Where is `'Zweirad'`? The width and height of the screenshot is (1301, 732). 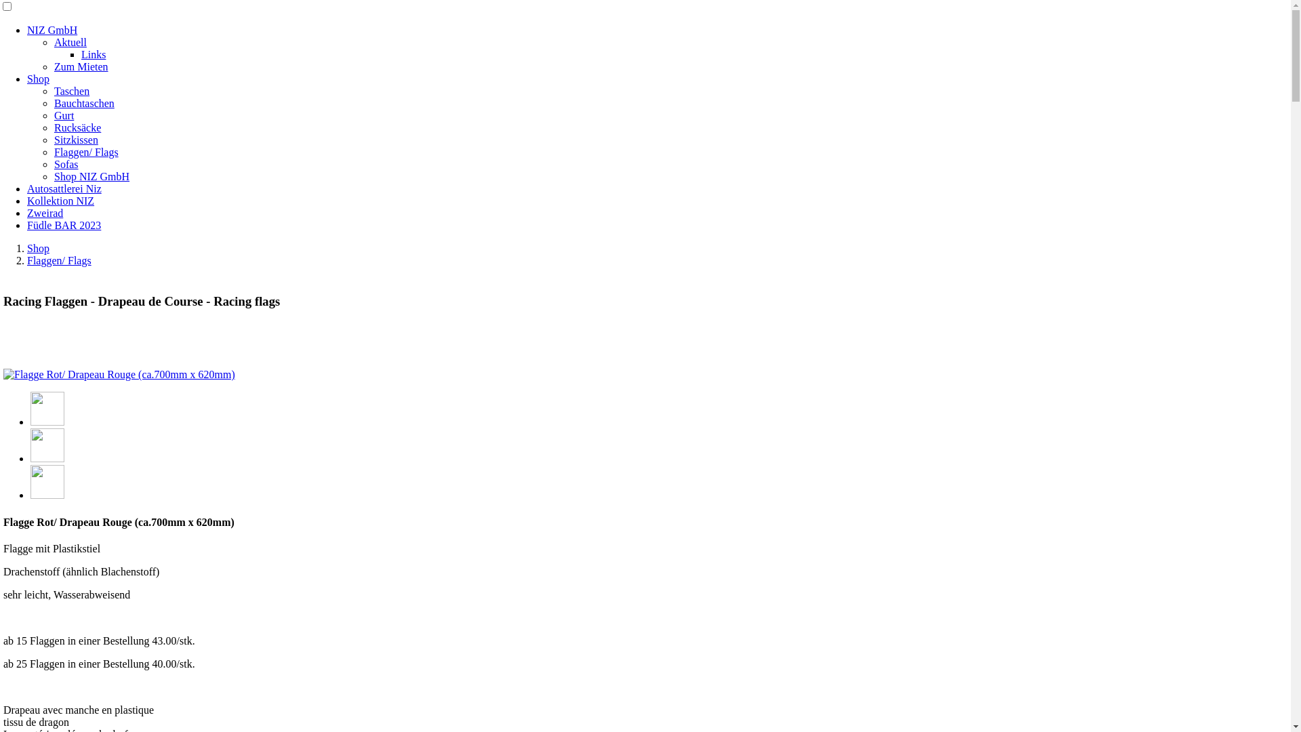
'Zweirad' is located at coordinates (26, 213).